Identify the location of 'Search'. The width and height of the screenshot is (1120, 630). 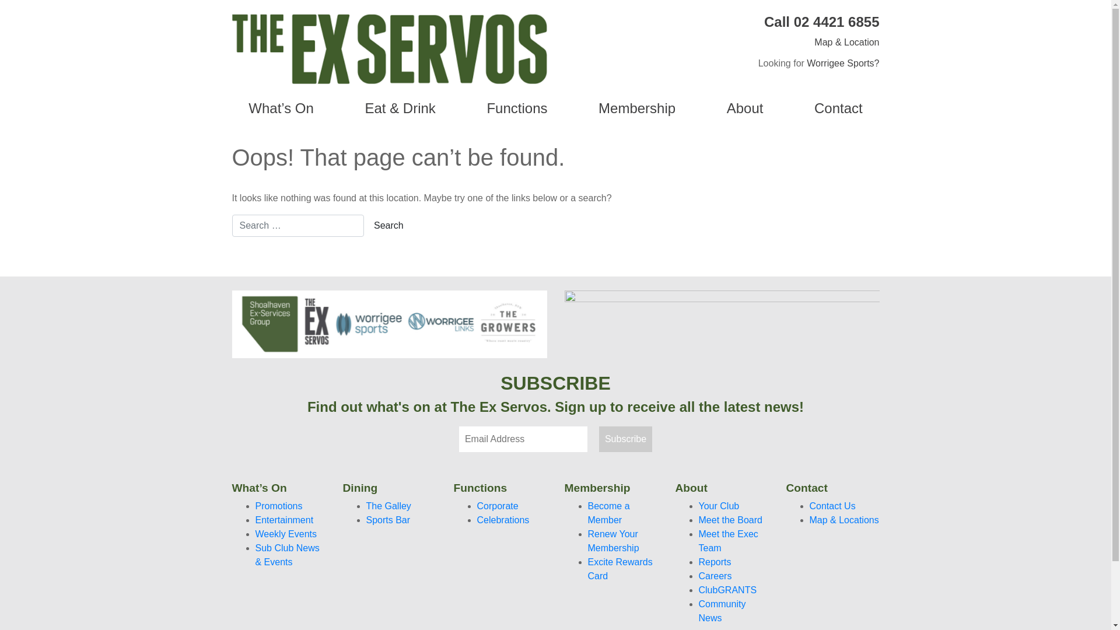
(388, 225).